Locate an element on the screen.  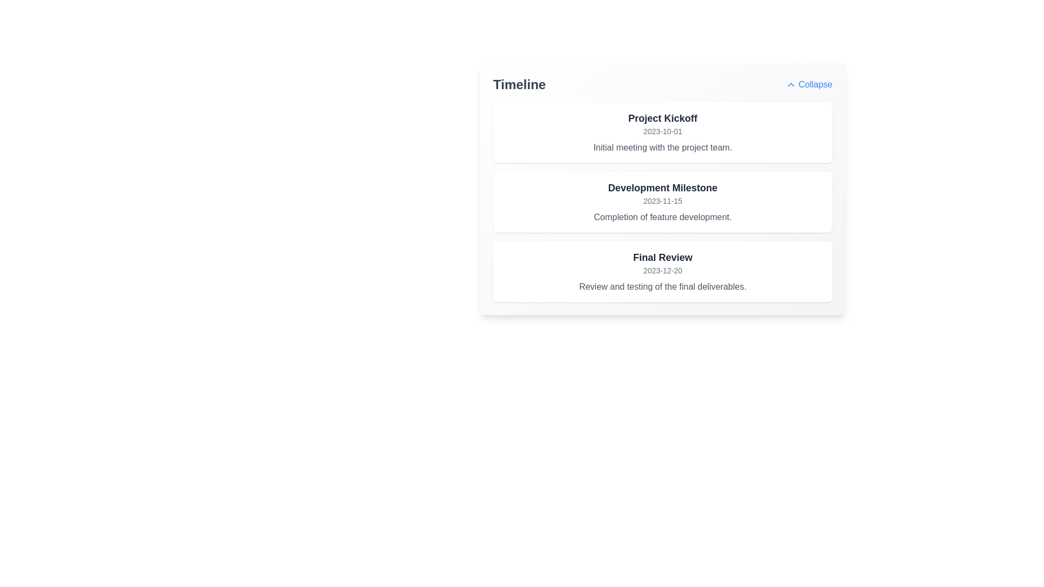
date display text element indicating '2023-10-01', which is styled in a small gray font beneath the title 'Project Kickoff' and above the description 'Initial meeting with the project team' is located at coordinates (662, 131).